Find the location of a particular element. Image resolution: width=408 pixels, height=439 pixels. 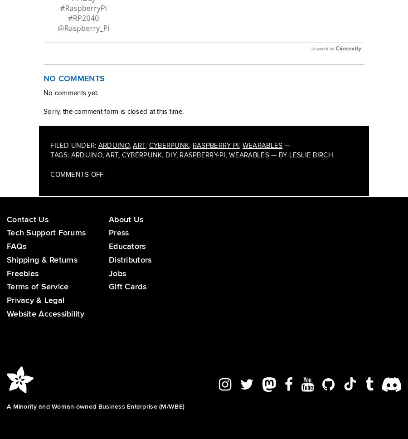

'Powered by' is located at coordinates (322, 58).